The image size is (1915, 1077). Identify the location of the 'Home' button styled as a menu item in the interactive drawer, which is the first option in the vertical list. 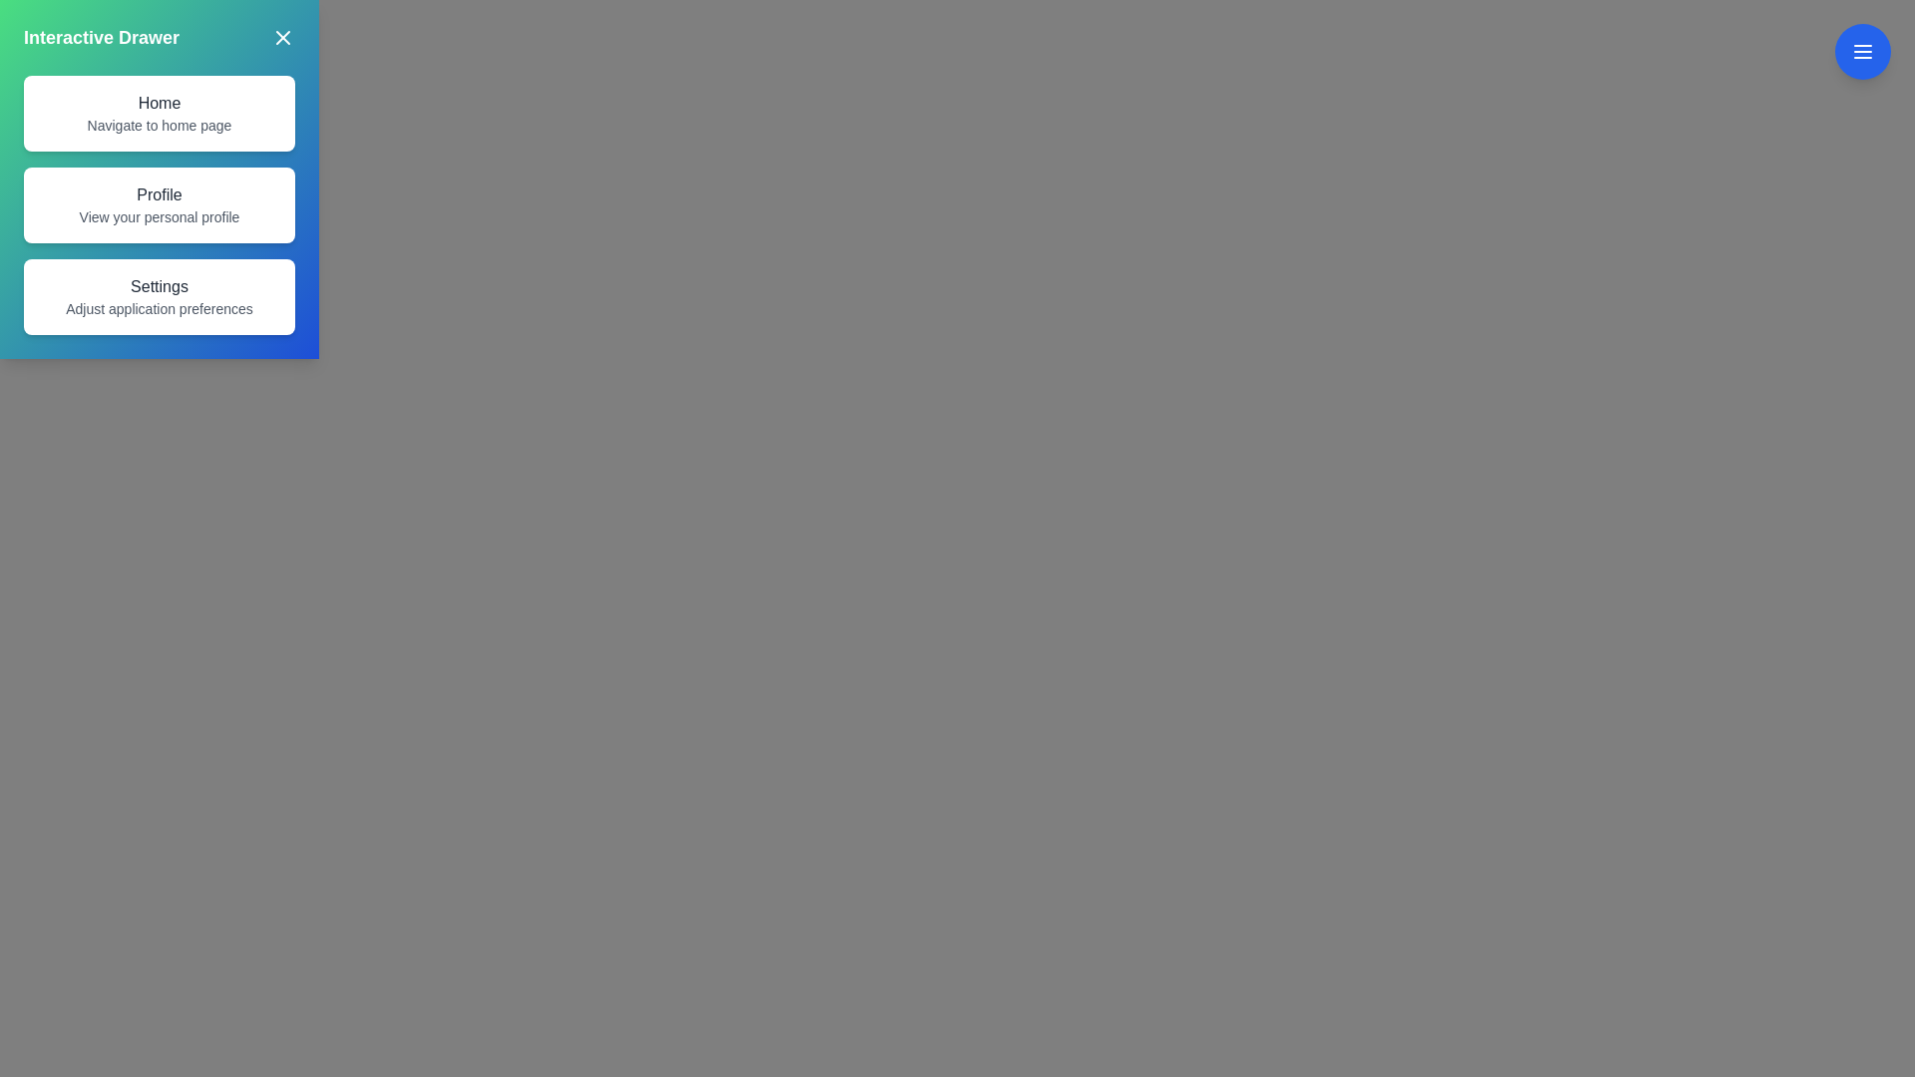
(158, 114).